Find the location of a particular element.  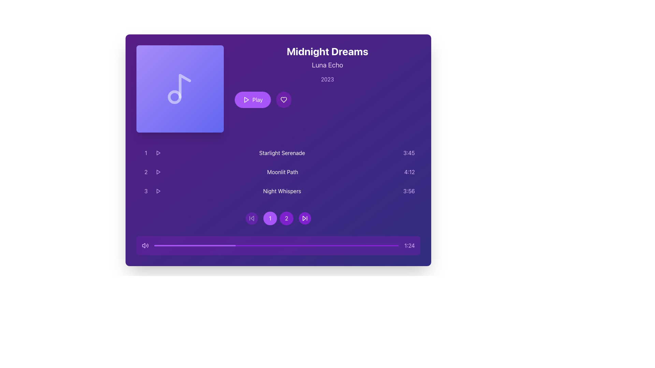

the Text block displaying the title, artist, and release year of the currently playing music album, located to the right of the album artwork icon and above the action row is located at coordinates (327, 76).